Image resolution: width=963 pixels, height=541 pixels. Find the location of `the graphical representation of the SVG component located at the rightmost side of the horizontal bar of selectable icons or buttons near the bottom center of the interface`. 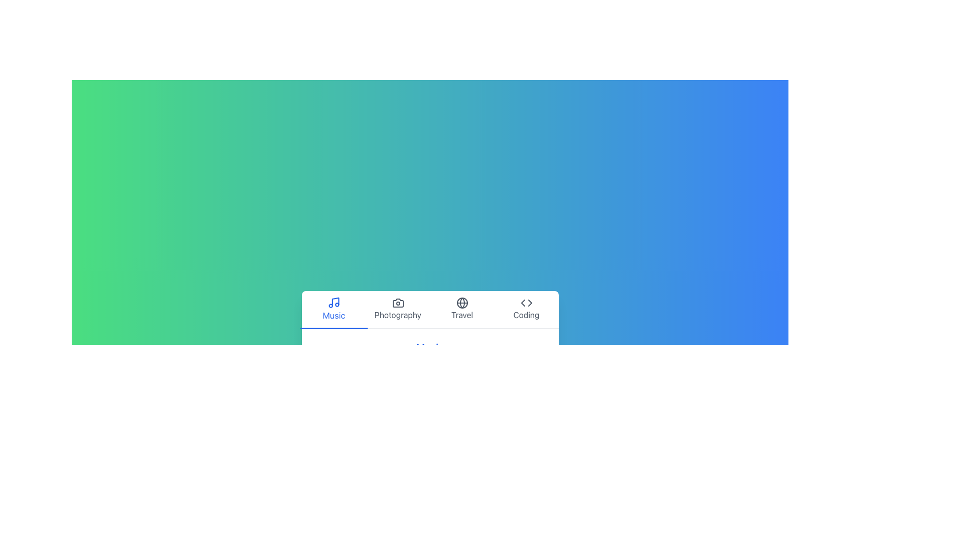

the graphical representation of the SVG component located at the rightmost side of the horizontal bar of selectable icons or buttons near the bottom center of the interface is located at coordinates (529, 302).